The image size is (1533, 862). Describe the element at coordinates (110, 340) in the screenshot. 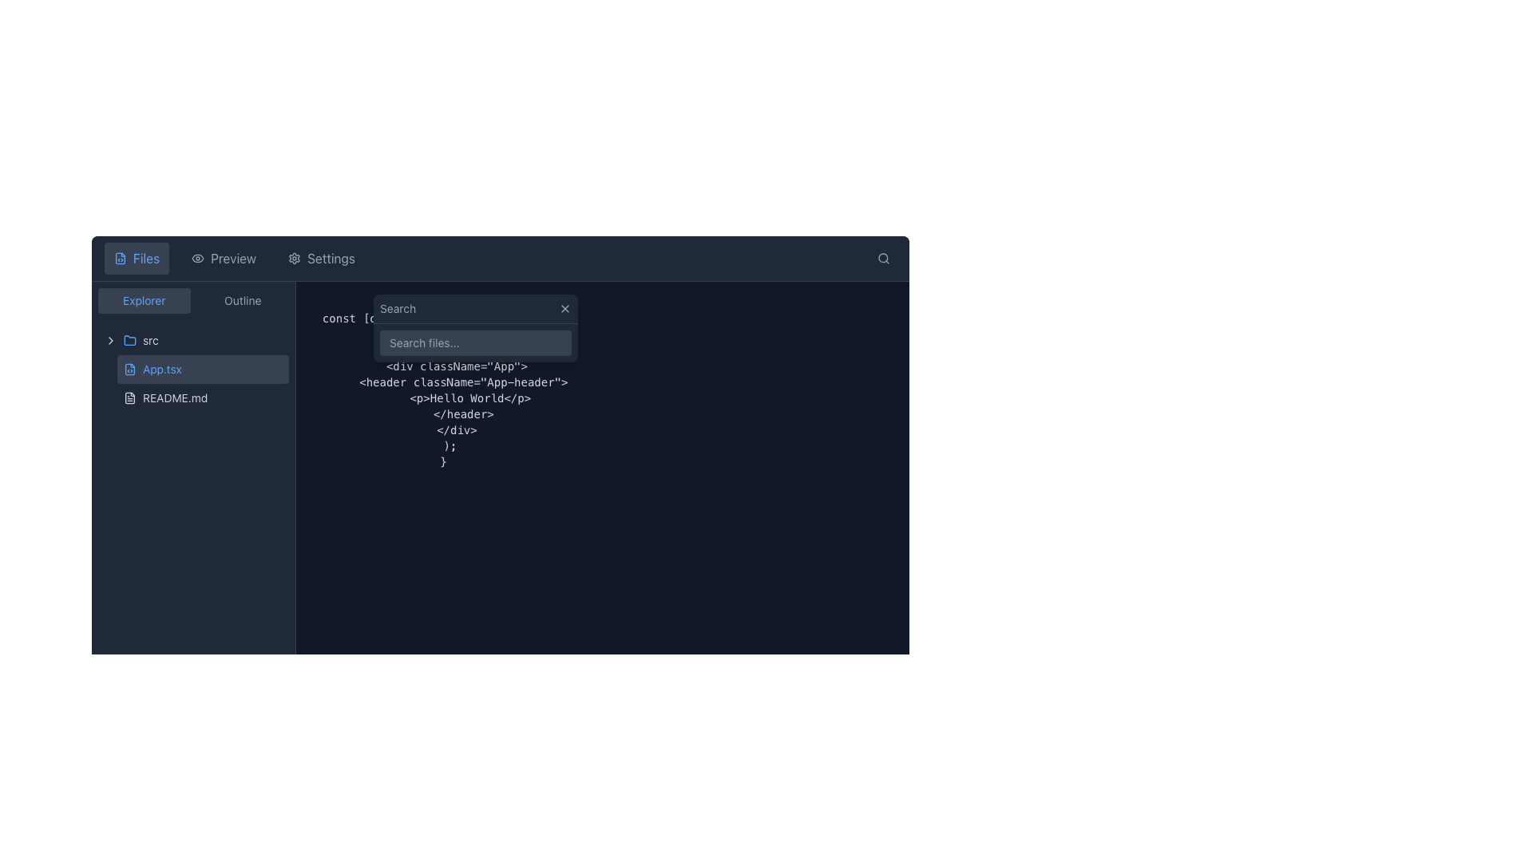

I see `the SVG icon indicating the expandable or collapsible state for the 'src' folder in the Explorer pane for keyboard navigation` at that location.